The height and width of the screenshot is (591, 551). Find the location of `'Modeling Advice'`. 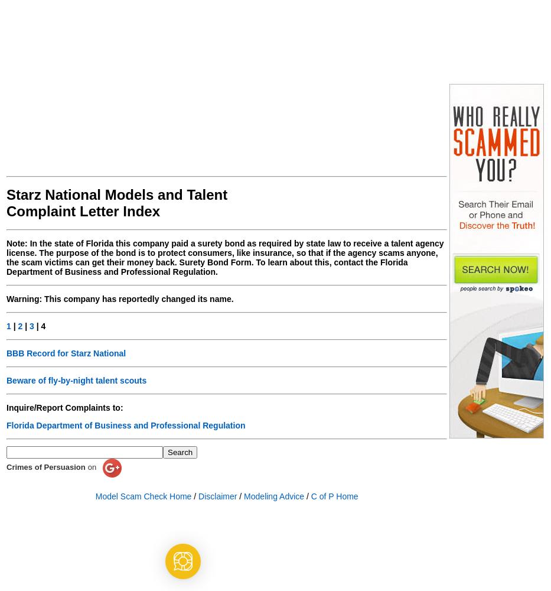

'Modeling Advice' is located at coordinates (273, 496).